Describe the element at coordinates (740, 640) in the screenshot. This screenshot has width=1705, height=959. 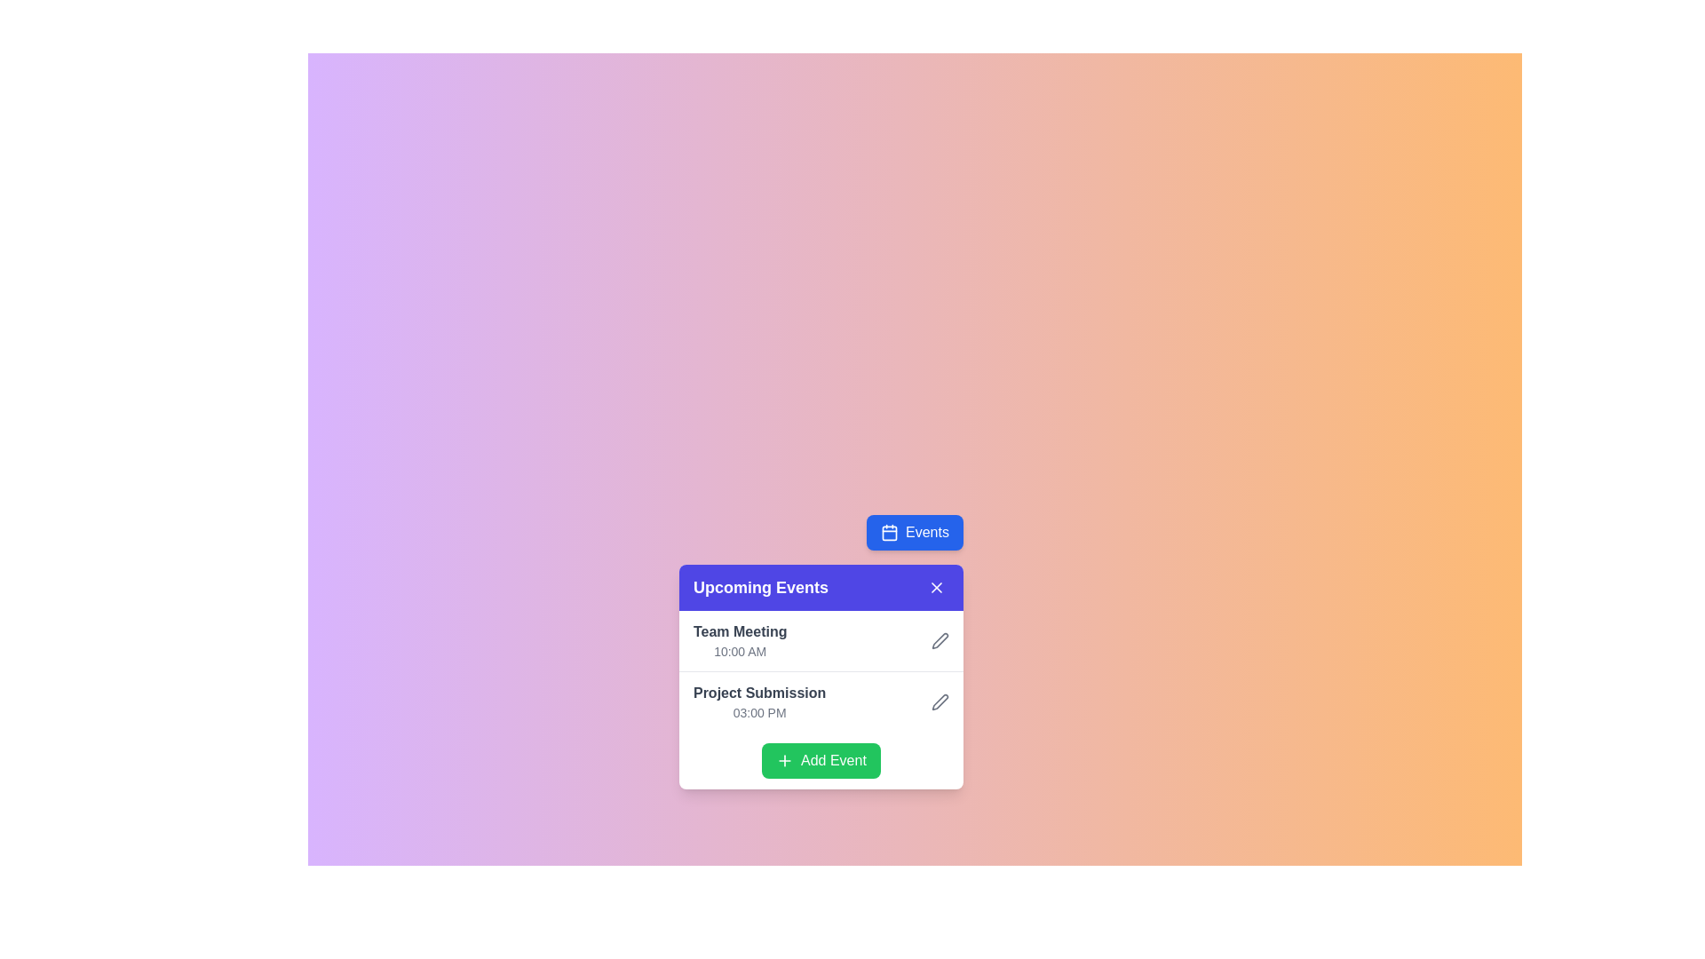
I see `the text display that shows the event title 'Team Meeting' and time '10:00 AM' in the 'Upcoming Events' section` at that location.